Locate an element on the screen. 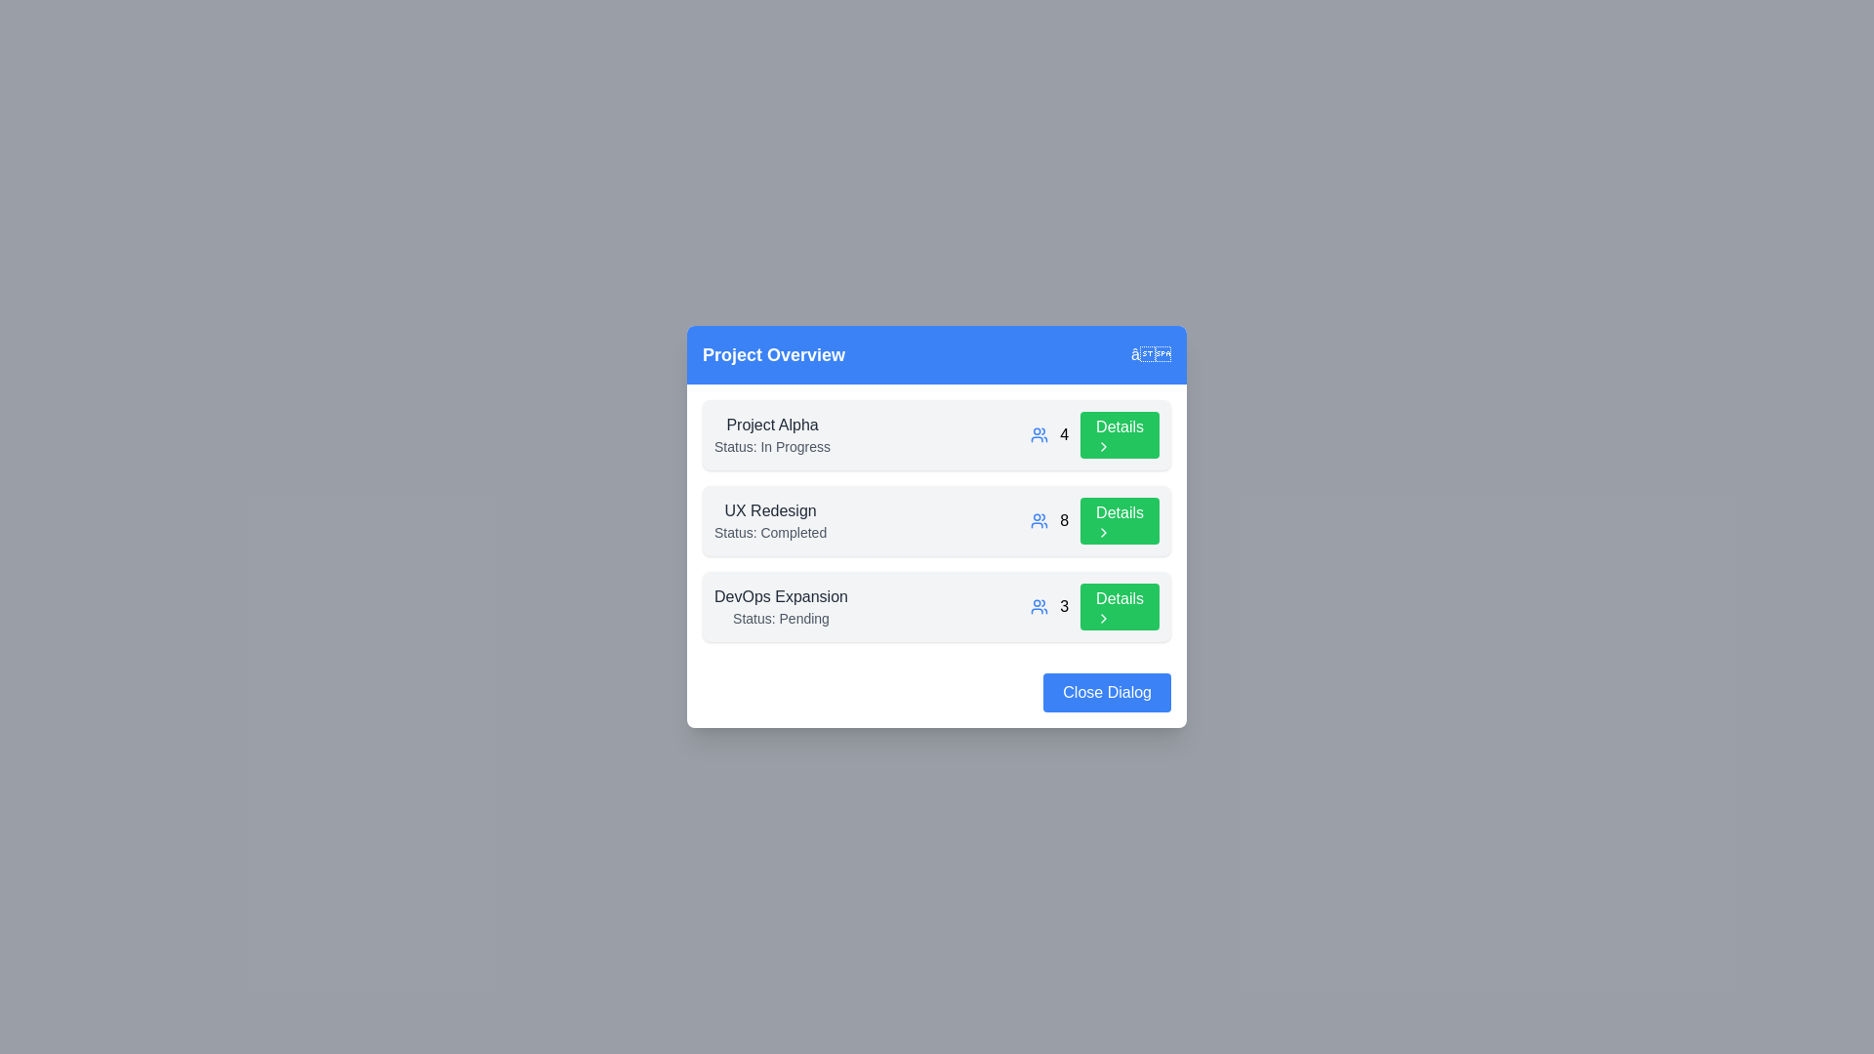 The image size is (1874, 1054). the project item corresponding to UX Redesign is located at coordinates (937, 519).